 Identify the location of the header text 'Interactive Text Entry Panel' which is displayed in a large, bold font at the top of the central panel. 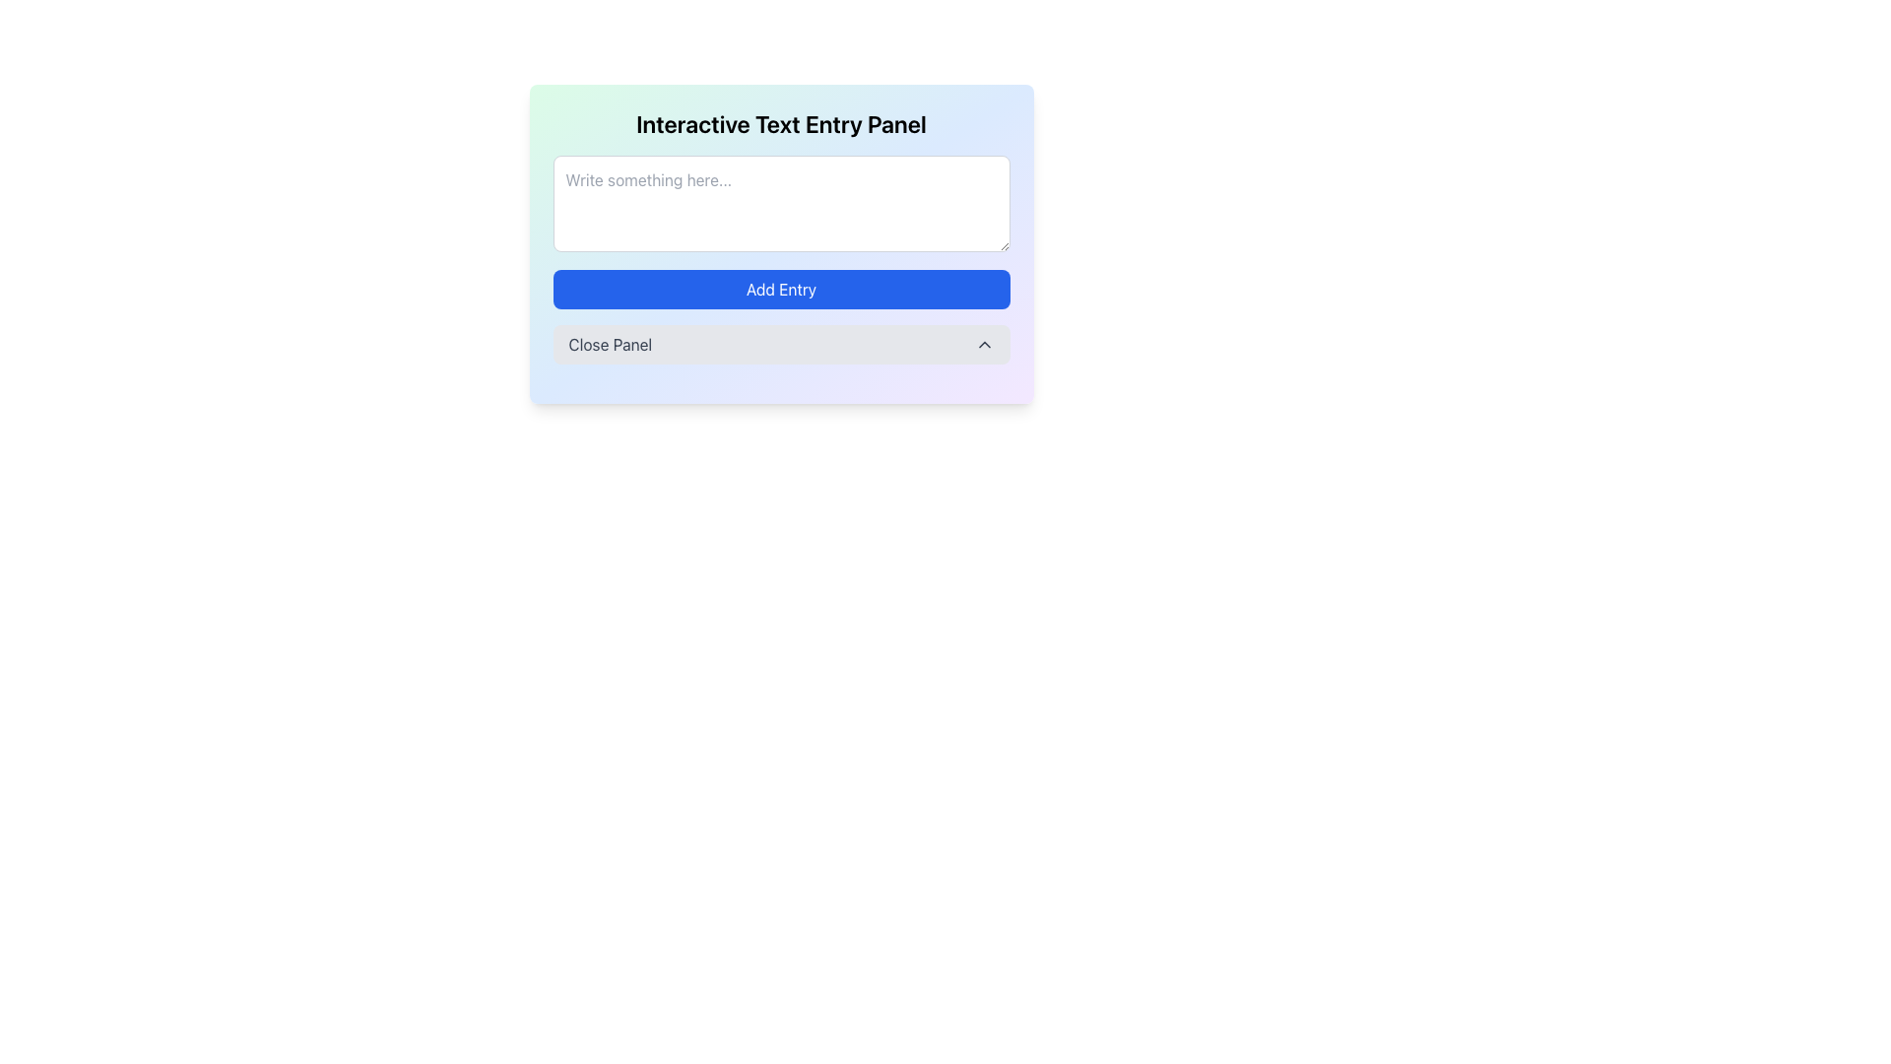
(780, 124).